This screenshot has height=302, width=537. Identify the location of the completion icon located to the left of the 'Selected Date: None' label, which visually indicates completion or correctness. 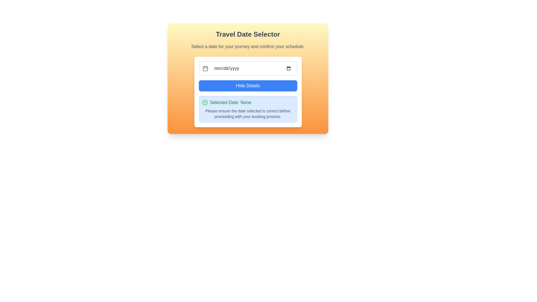
(204, 102).